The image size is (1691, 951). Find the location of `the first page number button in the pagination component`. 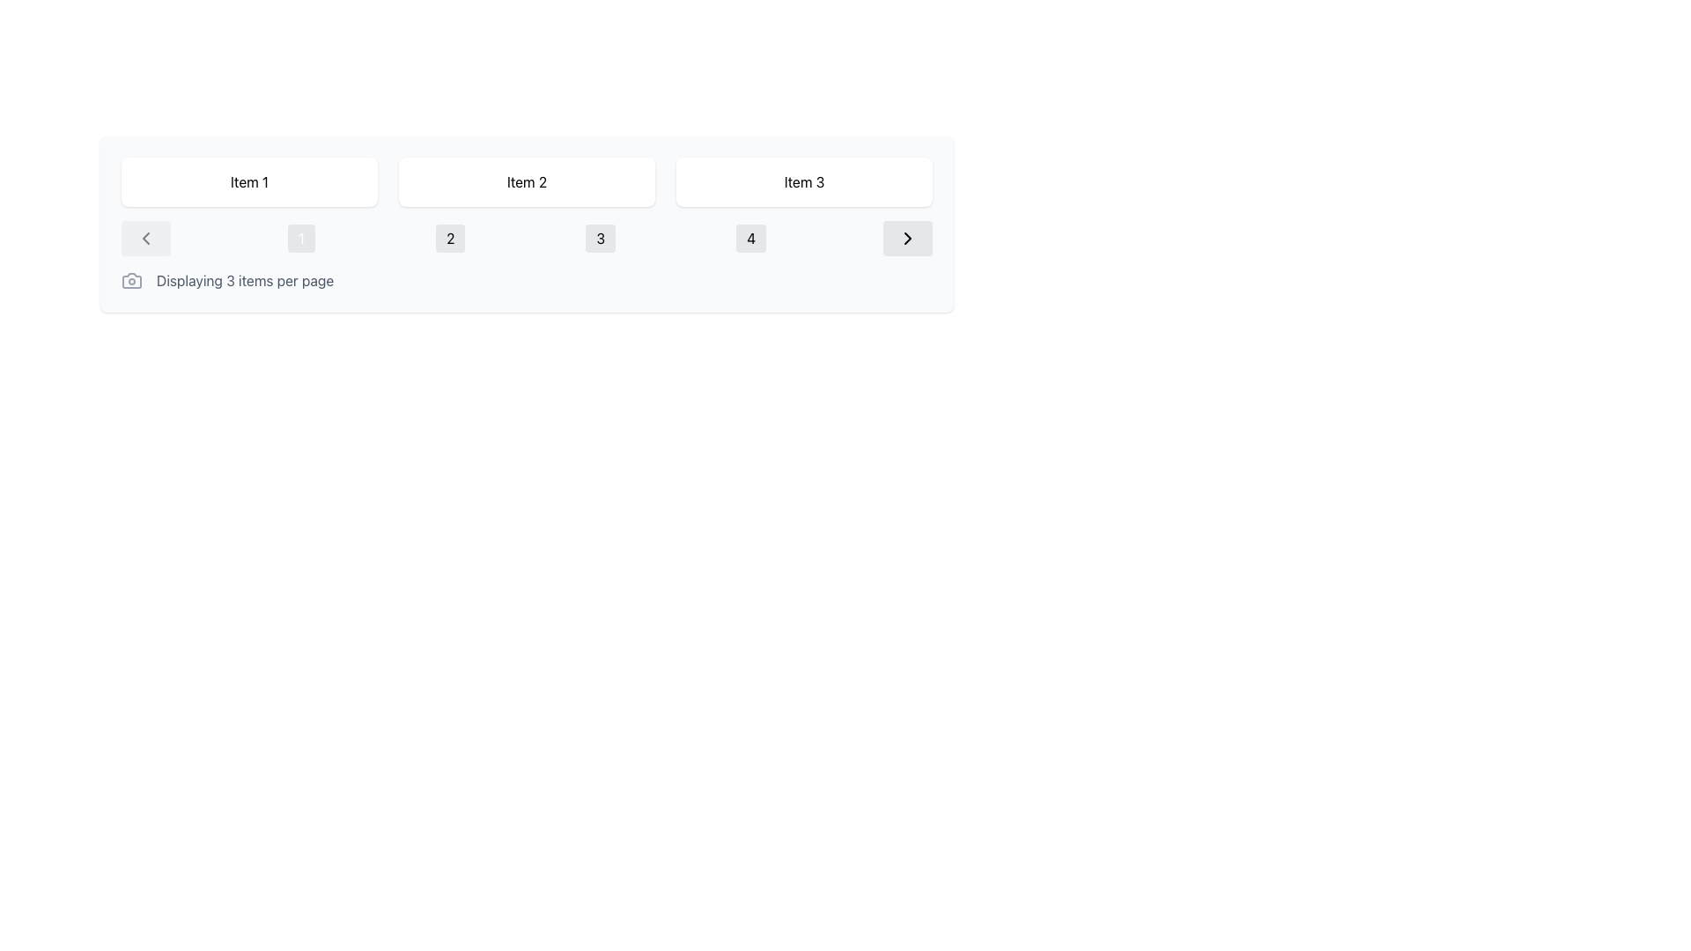

the first page number button in the pagination component is located at coordinates (301, 238).